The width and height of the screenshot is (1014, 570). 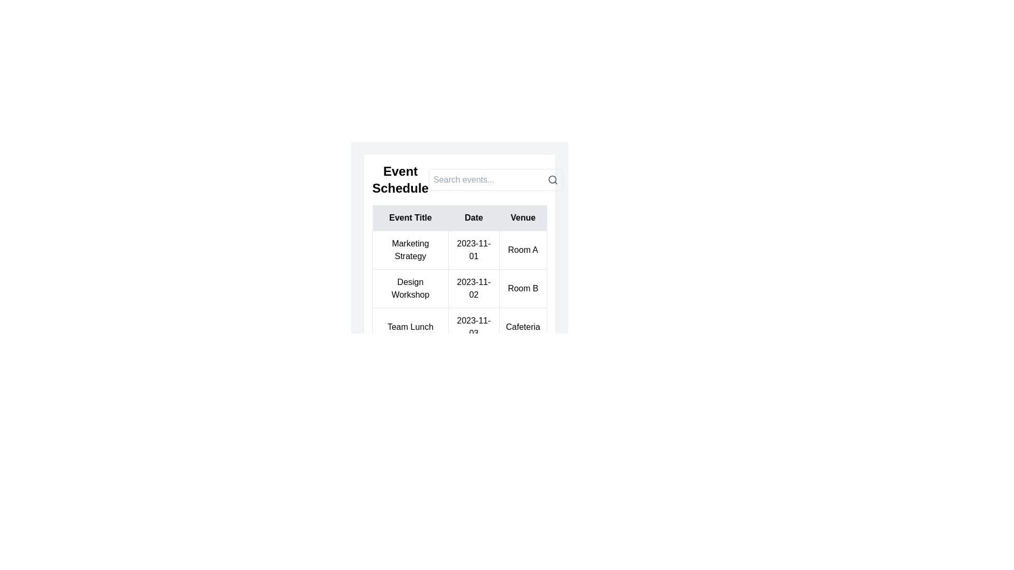 What do you see at coordinates (459, 289) in the screenshot?
I see `the text display cell that corresponds to the date '2023-11-02' located in the second row under the 'Date' column` at bounding box center [459, 289].